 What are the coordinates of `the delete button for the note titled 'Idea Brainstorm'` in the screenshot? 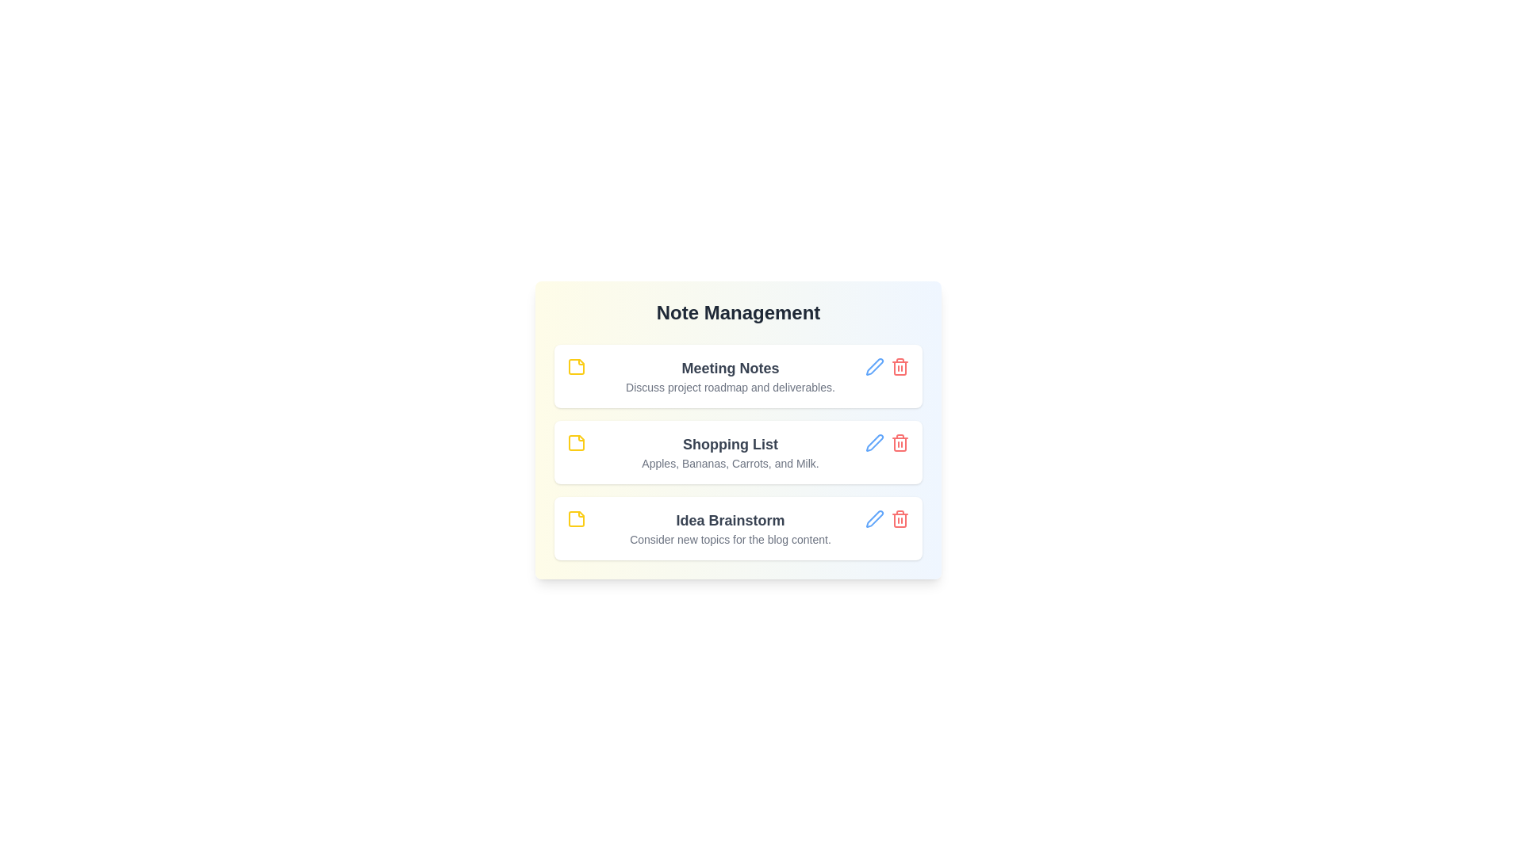 It's located at (900, 519).